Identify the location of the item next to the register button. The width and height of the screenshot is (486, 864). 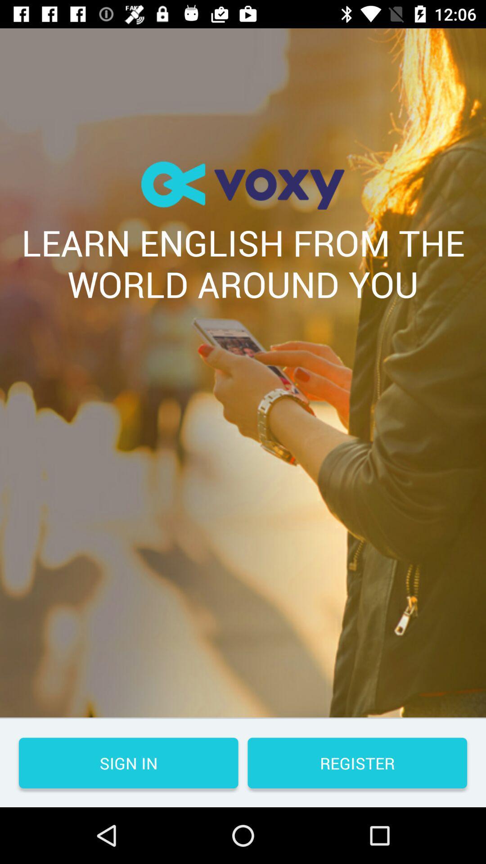
(128, 762).